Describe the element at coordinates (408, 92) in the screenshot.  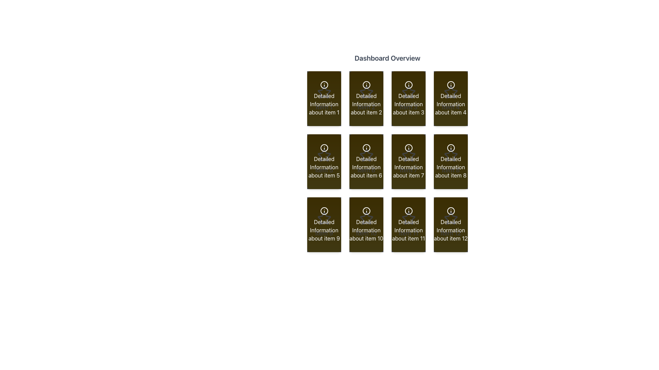
I see `the star icon located at the top-center of the card labeled 'Detailed Information about item 3' in the grid interface` at that location.